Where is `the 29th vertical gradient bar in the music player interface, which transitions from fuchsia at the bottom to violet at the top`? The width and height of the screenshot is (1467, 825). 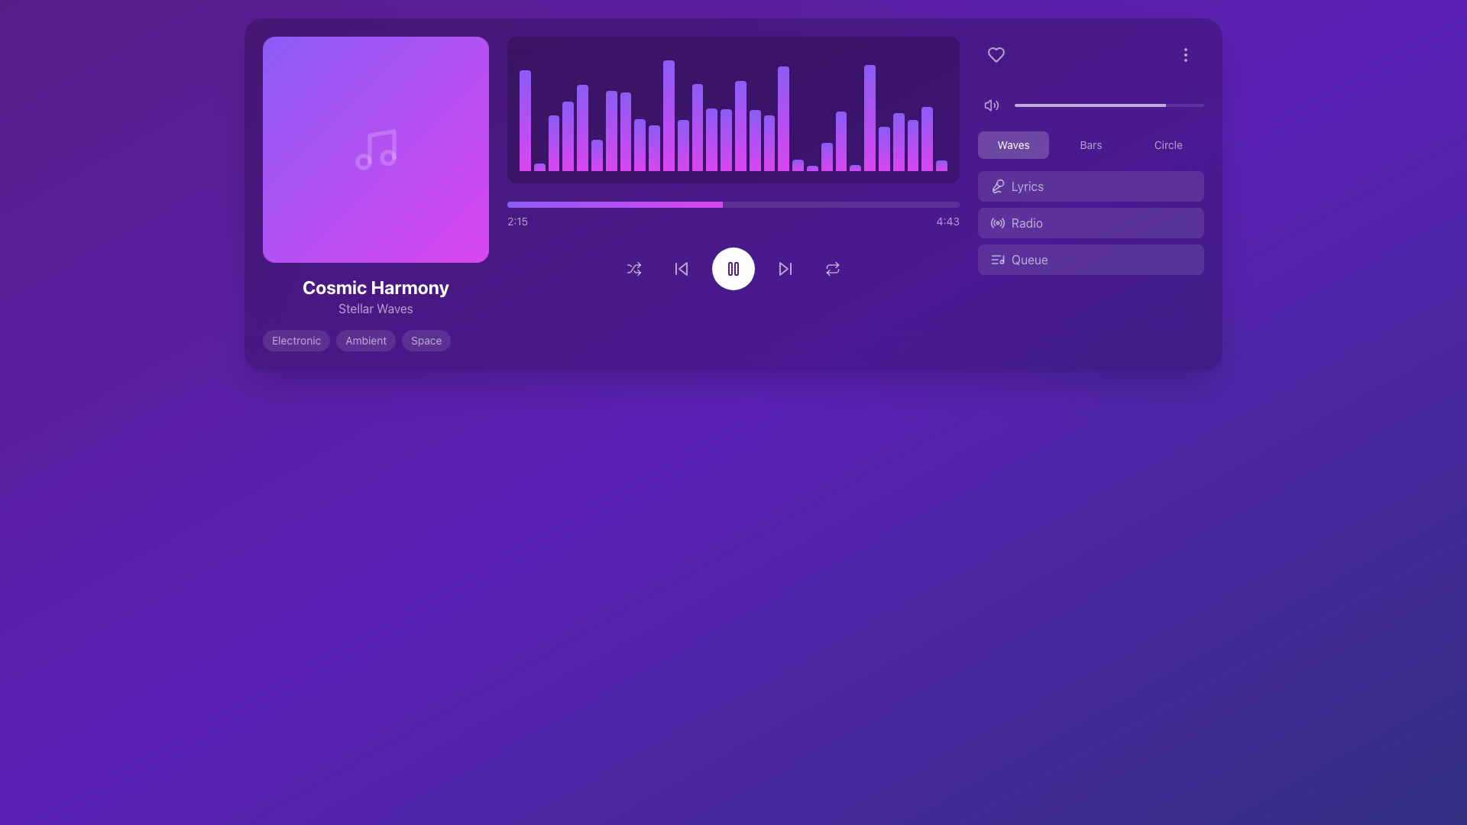
the 29th vertical gradient bar in the music player interface, which transitions from fuchsia at the bottom to violet at the top is located at coordinates (840, 141).